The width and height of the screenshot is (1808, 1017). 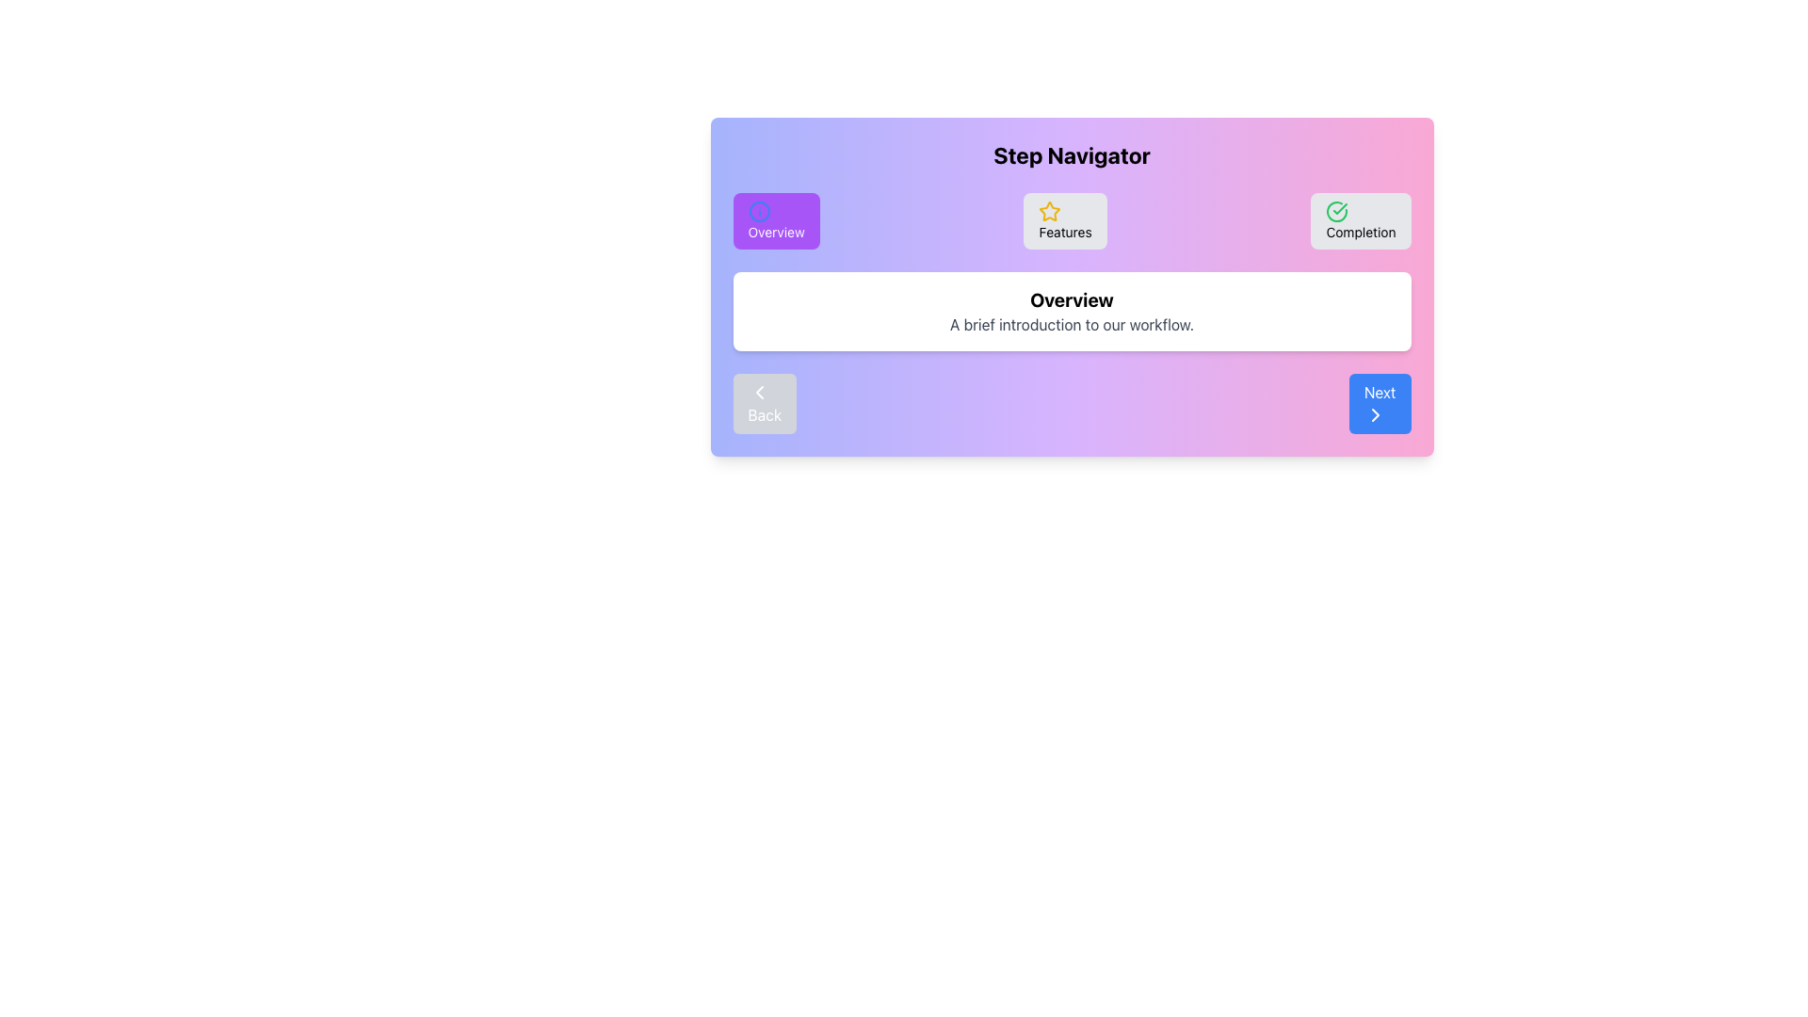 What do you see at coordinates (1049, 211) in the screenshot?
I see `the star-shaped icon outlined in yellow, which represents the 'Features' step in the Step Navigator section, located centrally on the navigation bar` at bounding box center [1049, 211].